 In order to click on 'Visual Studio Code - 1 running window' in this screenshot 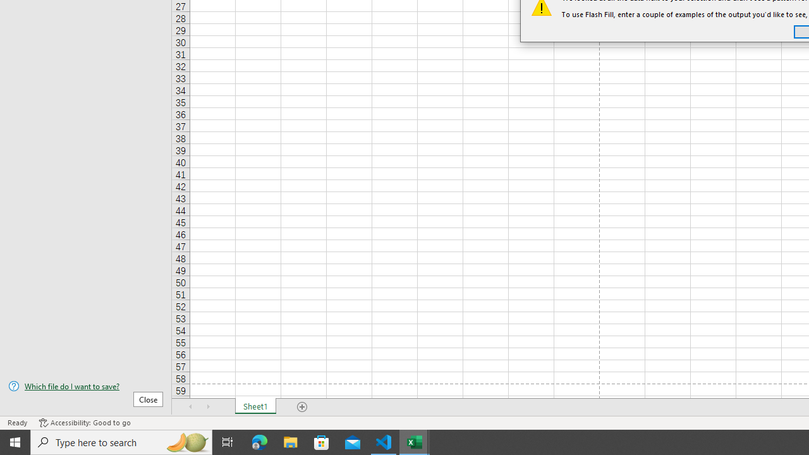, I will do `click(383, 441)`.